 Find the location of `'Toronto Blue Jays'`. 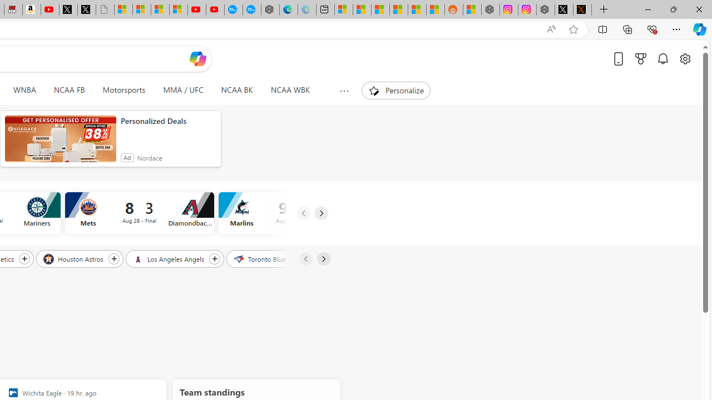

'Toronto Blue Jays' is located at coordinates (268, 258).